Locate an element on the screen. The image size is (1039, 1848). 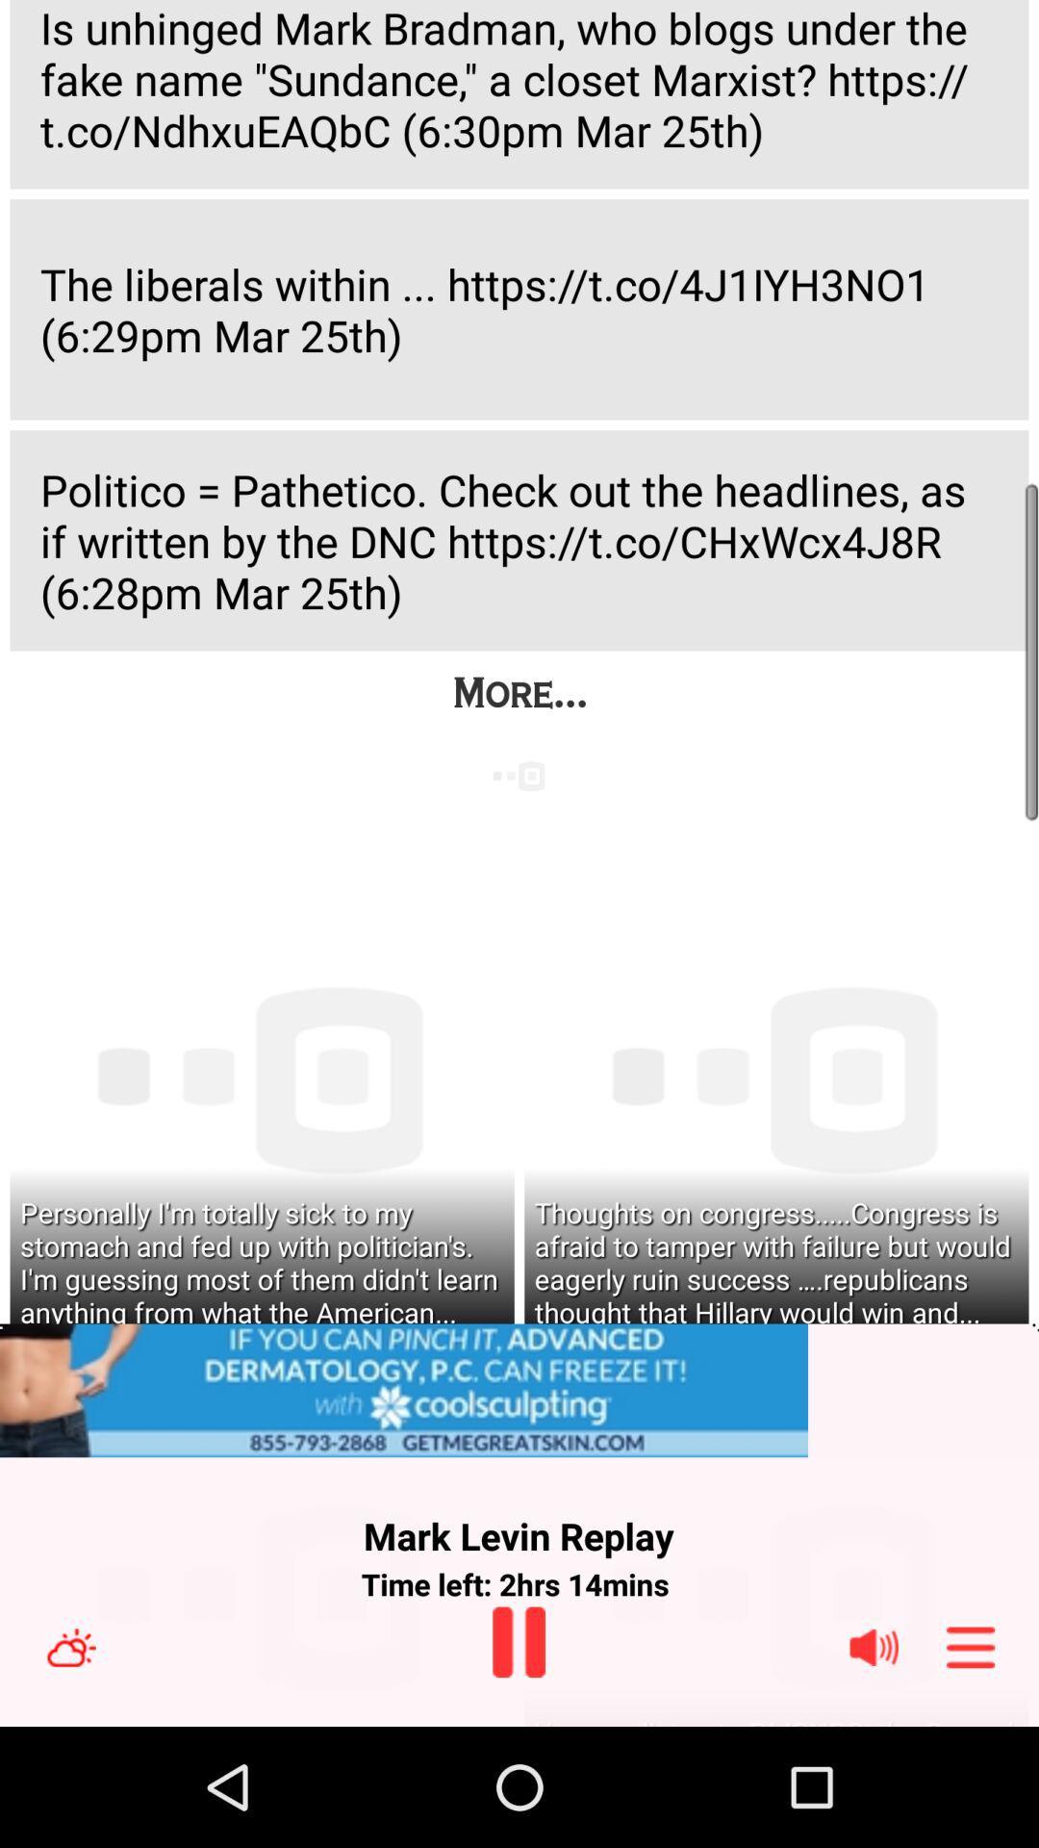
the pause icon is located at coordinates (518, 1758).